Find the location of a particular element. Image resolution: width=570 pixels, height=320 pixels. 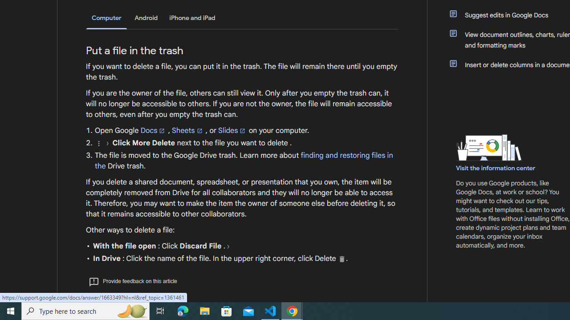

'finding and restoring files in the' is located at coordinates (244, 160).